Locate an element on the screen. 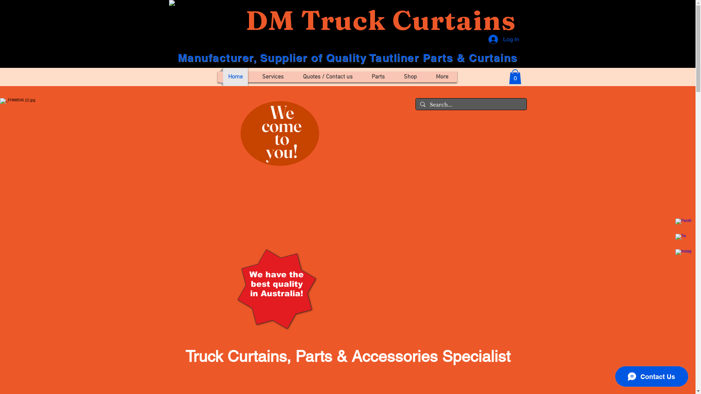  'Shop' is located at coordinates (410, 77).